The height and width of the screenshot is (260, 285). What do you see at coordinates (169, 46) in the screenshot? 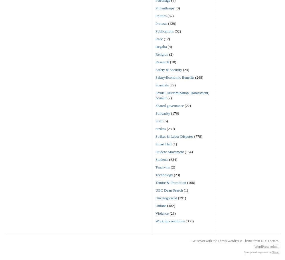
I see `'(4)'` at bounding box center [169, 46].